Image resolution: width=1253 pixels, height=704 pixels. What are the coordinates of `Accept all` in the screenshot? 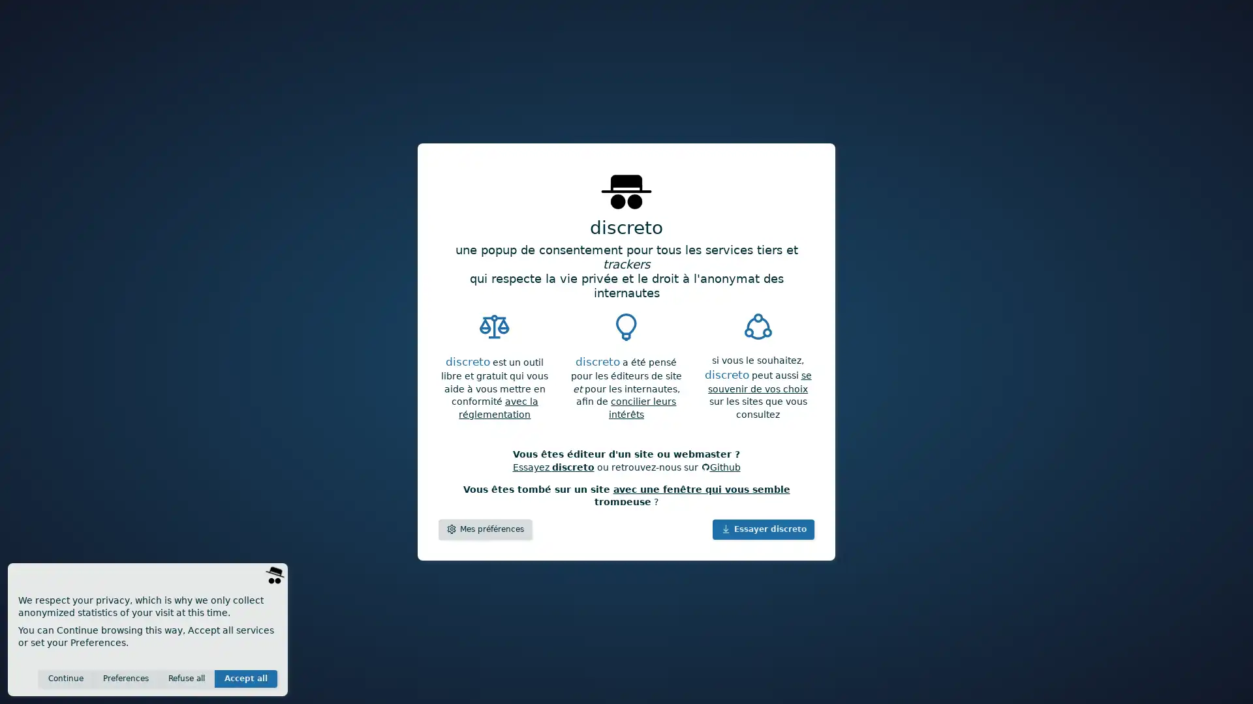 It's located at (246, 678).